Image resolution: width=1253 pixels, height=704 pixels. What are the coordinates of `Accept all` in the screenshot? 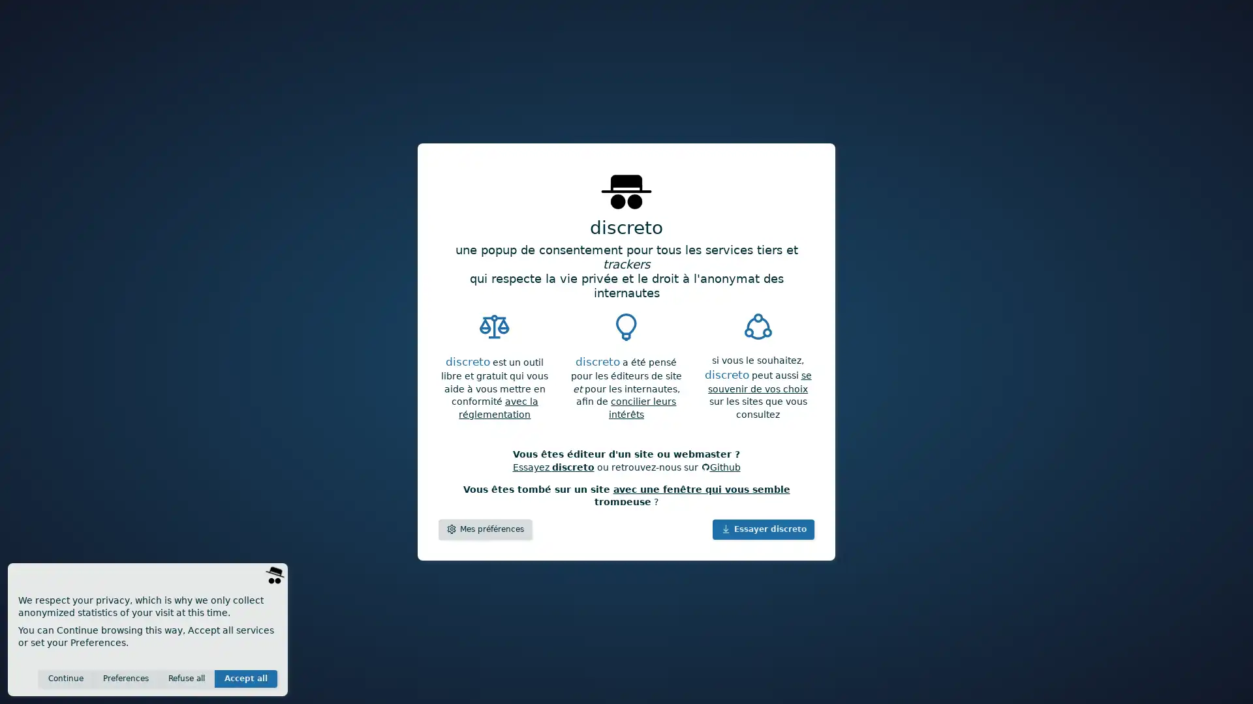 It's located at (246, 678).